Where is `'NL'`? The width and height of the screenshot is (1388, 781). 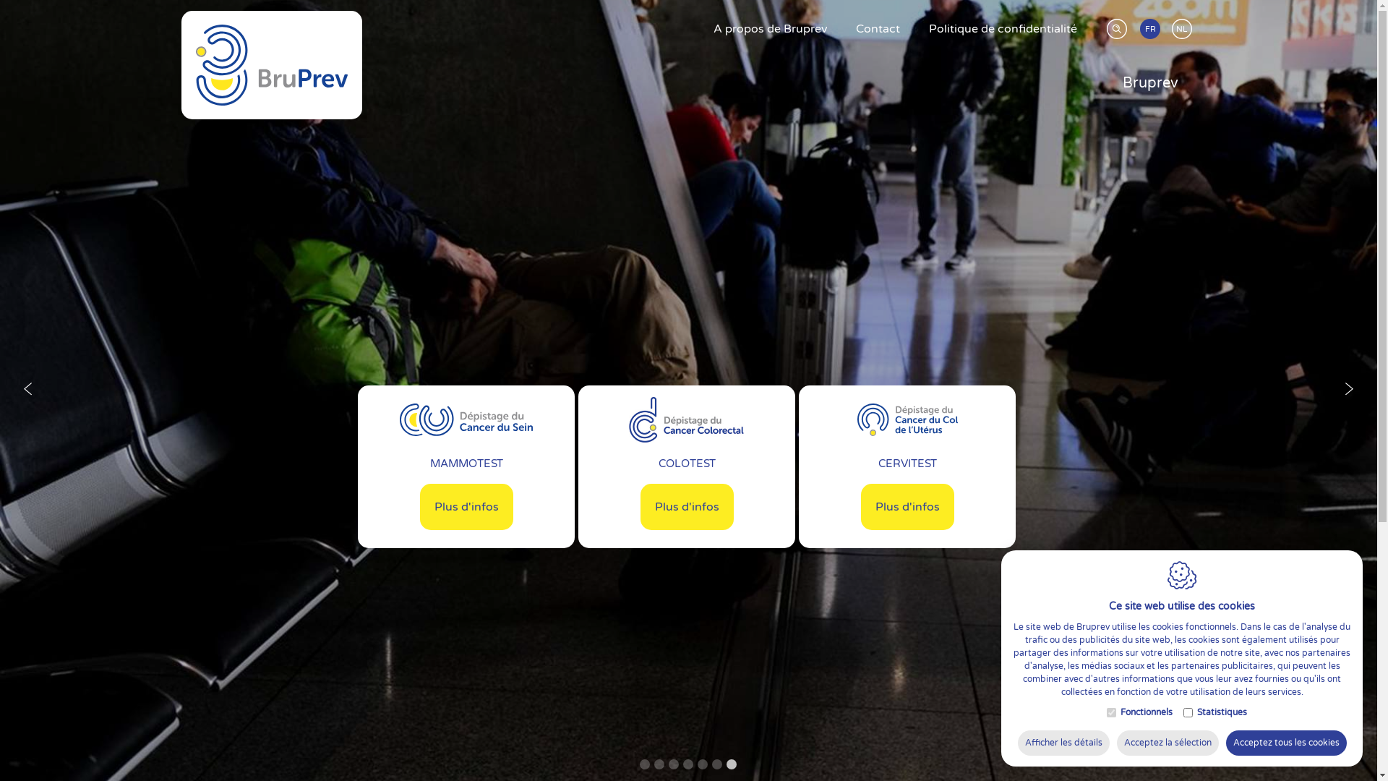
'NL' is located at coordinates (1186, 33).